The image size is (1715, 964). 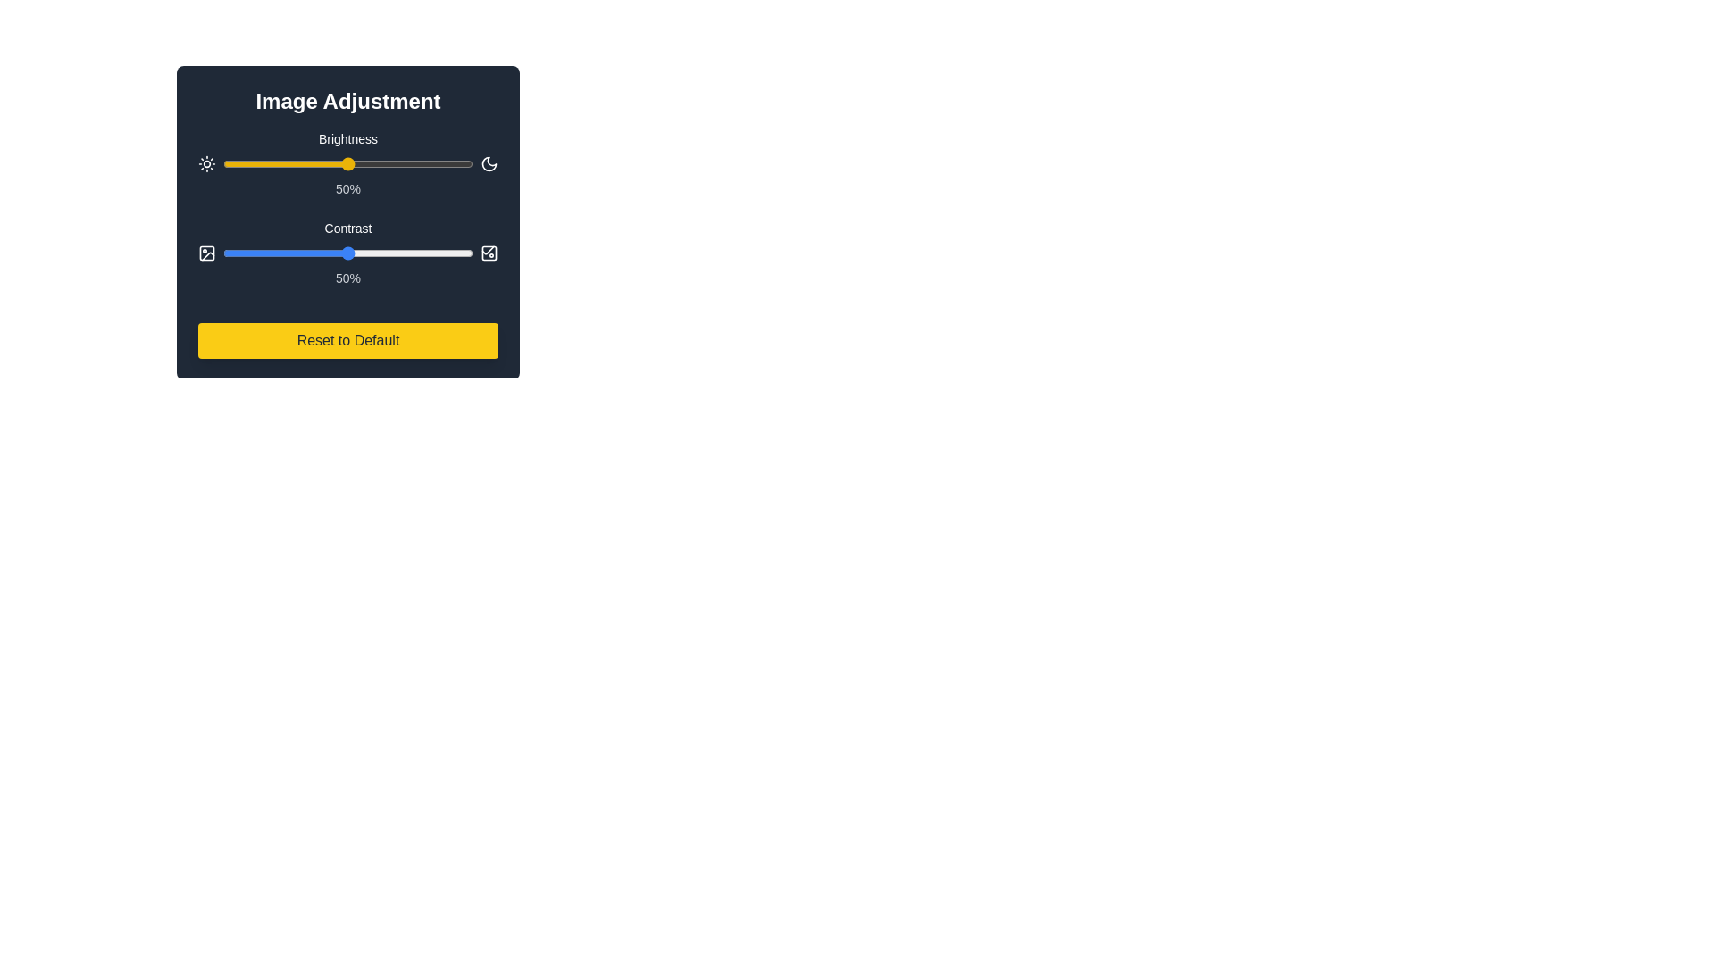 I want to click on brightness, so click(x=450, y=164).